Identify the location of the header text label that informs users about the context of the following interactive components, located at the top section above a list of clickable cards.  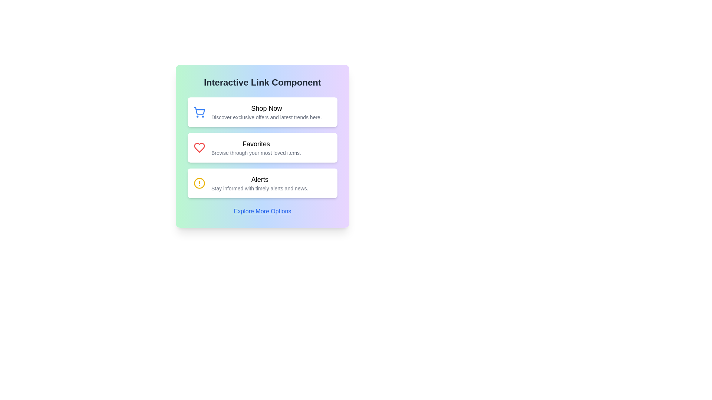
(263, 83).